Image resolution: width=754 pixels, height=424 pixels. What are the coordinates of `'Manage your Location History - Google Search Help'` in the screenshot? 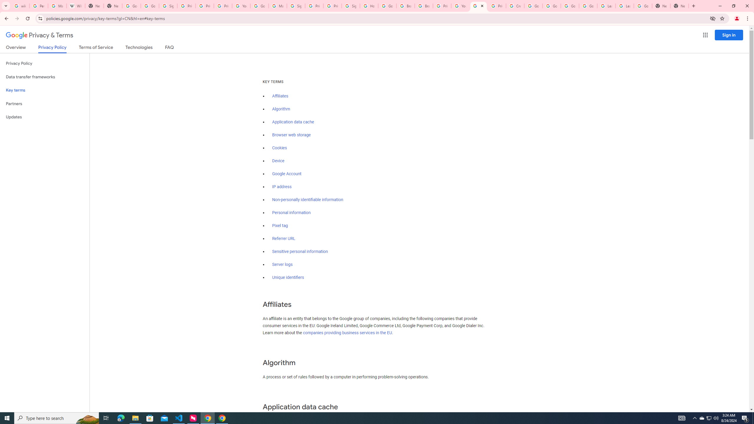 It's located at (57, 6).